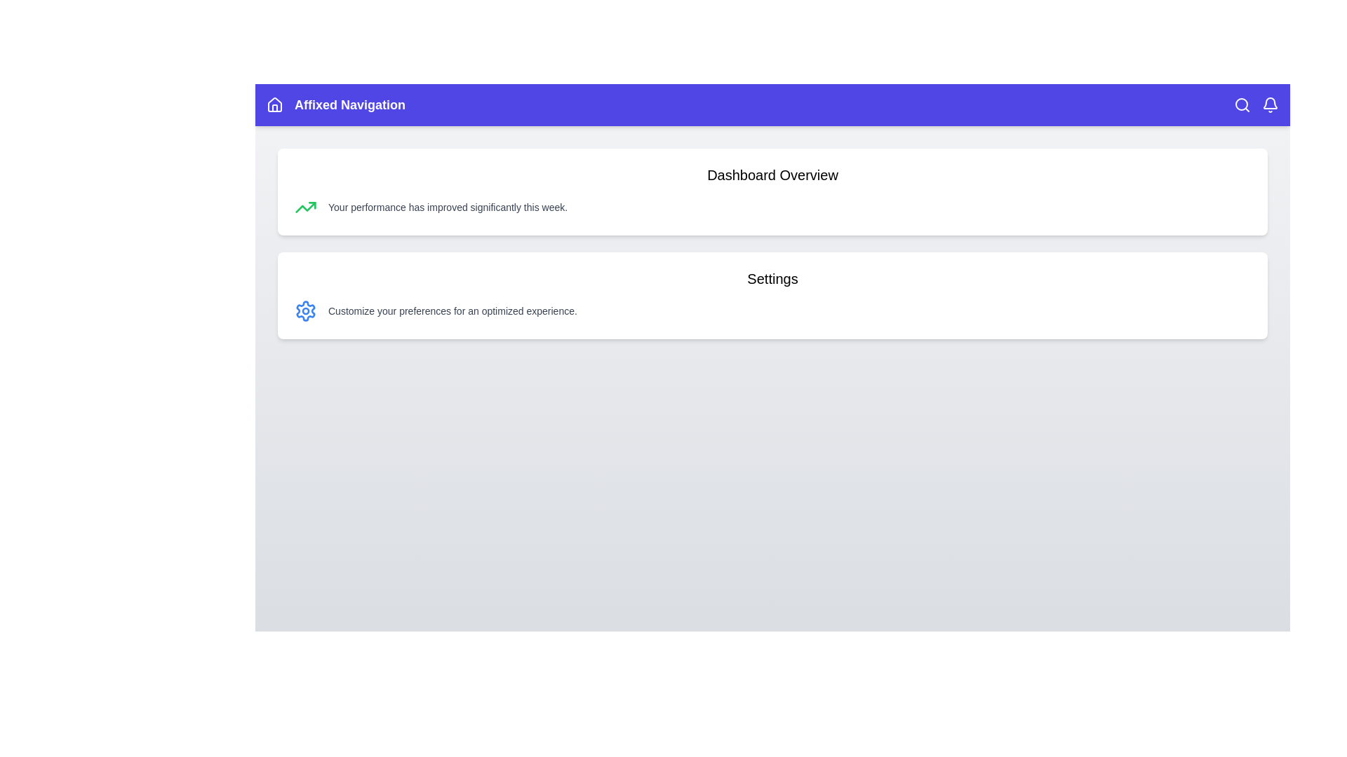 This screenshot has height=757, width=1347. What do you see at coordinates (305, 207) in the screenshot?
I see `the green upward-trending arrow icon located to the left of the text 'Your performance has improved significantly this week.'` at bounding box center [305, 207].